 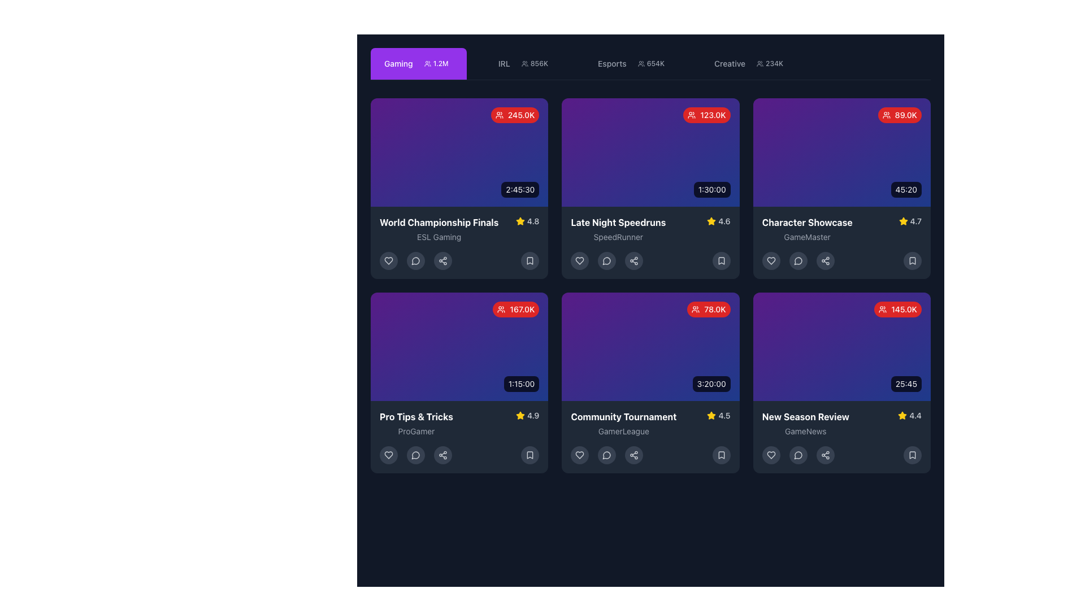 What do you see at coordinates (650, 423) in the screenshot?
I see `text content from the 'Community Tournament' text block, which includes the bold white text 'Community Tournament' and the smaller gray text 'GamerLeague', along with the yellow star icon and rating '4.5' located in the bottom-middle card of the grid layout` at bounding box center [650, 423].